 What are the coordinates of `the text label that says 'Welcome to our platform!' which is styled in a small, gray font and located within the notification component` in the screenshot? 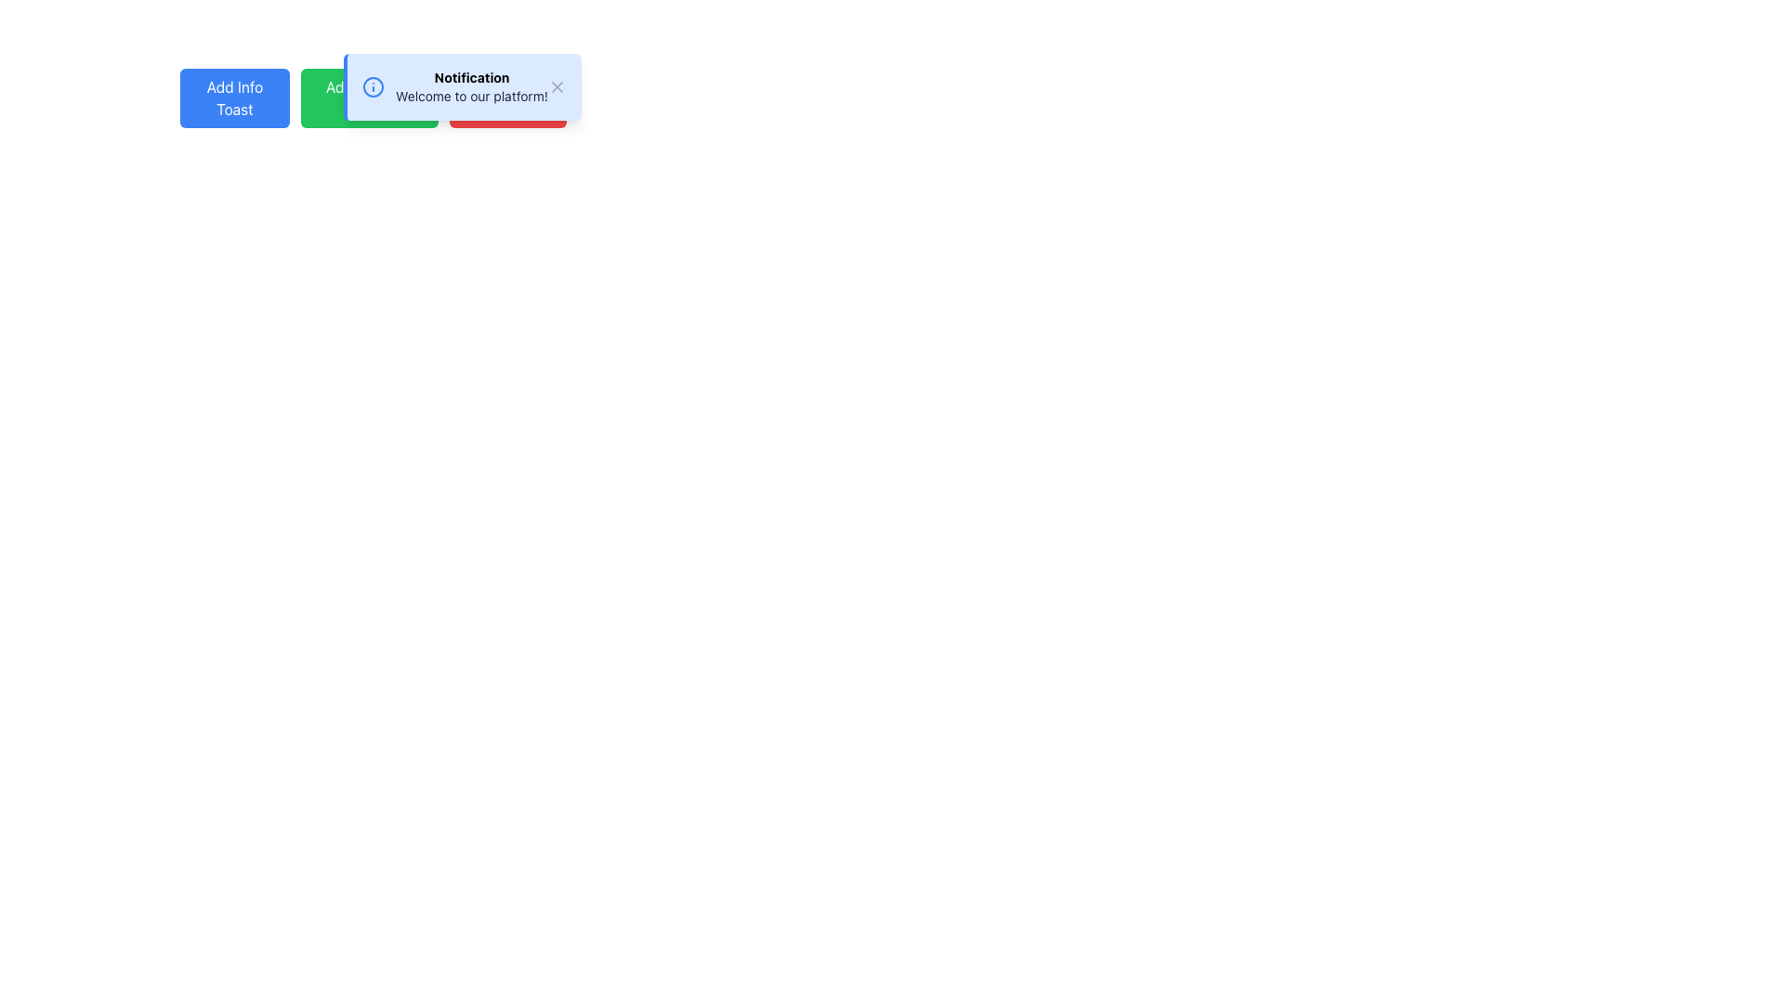 It's located at (471, 97).